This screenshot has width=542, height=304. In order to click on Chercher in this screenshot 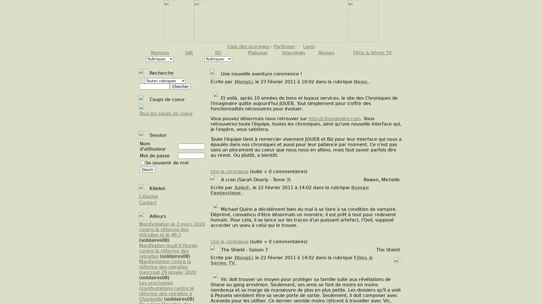, I will do `click(180, 86)`.